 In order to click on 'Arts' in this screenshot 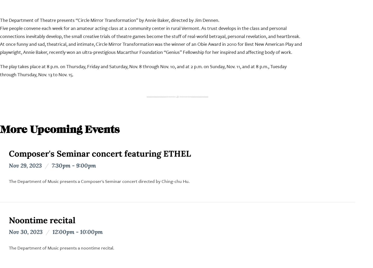, I will do `click(134, 163)`.